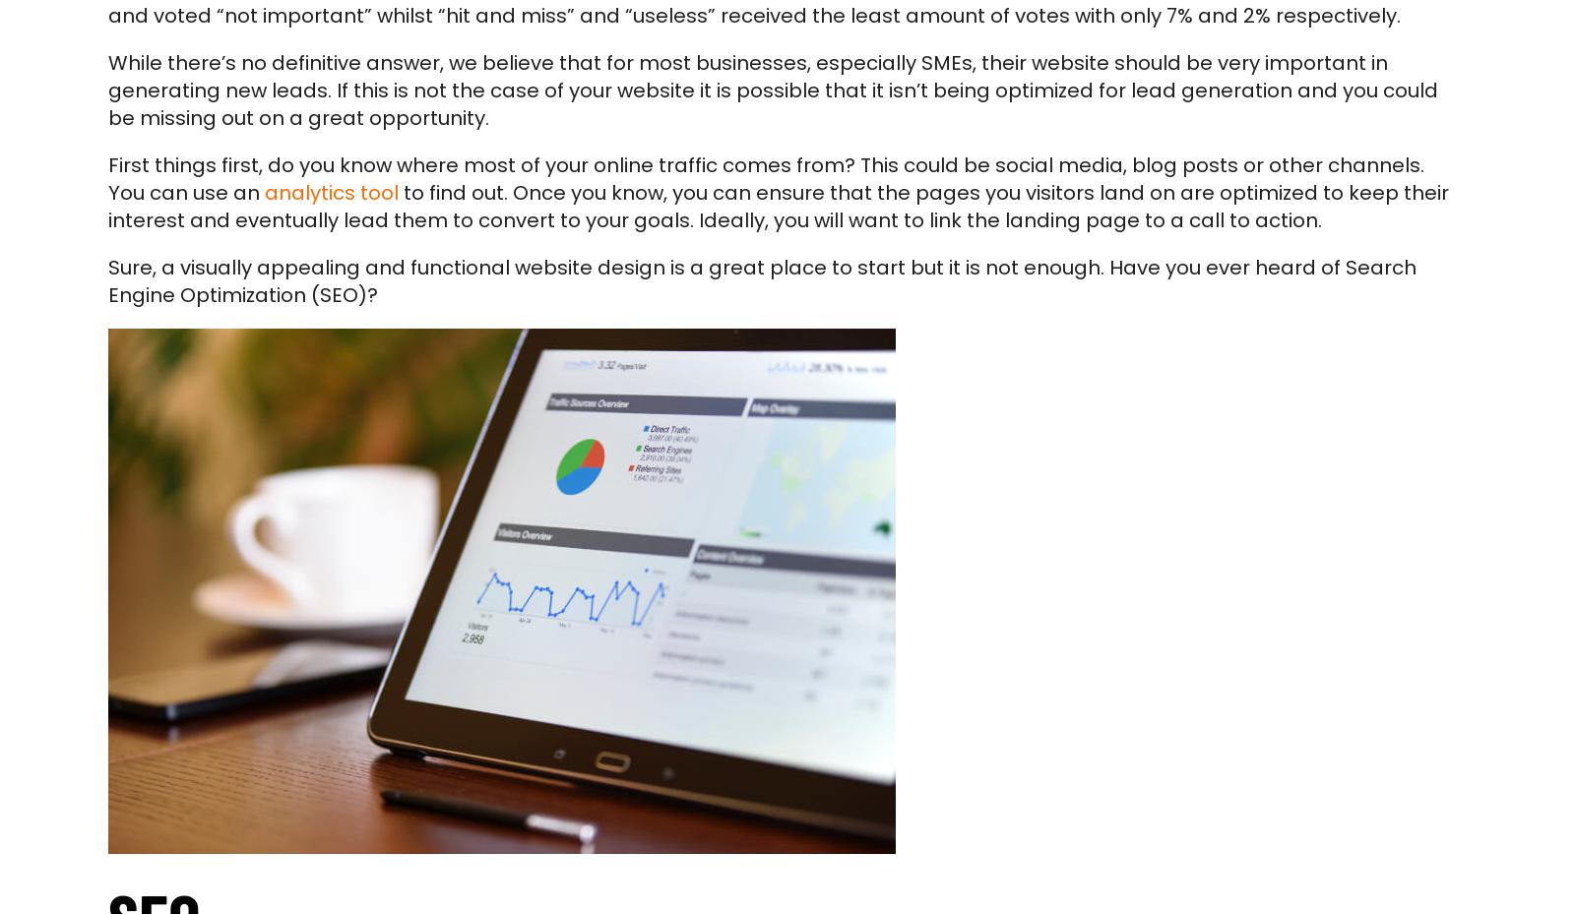 This screenshot has width=1575, height=914. Describe the element at coordinates (451, 523) in the screenshot. I see `'Get in touch'` at that location.